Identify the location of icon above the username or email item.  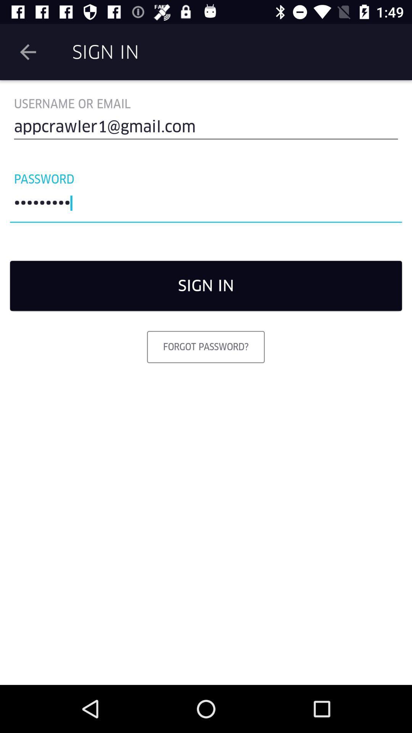
(27, 52).